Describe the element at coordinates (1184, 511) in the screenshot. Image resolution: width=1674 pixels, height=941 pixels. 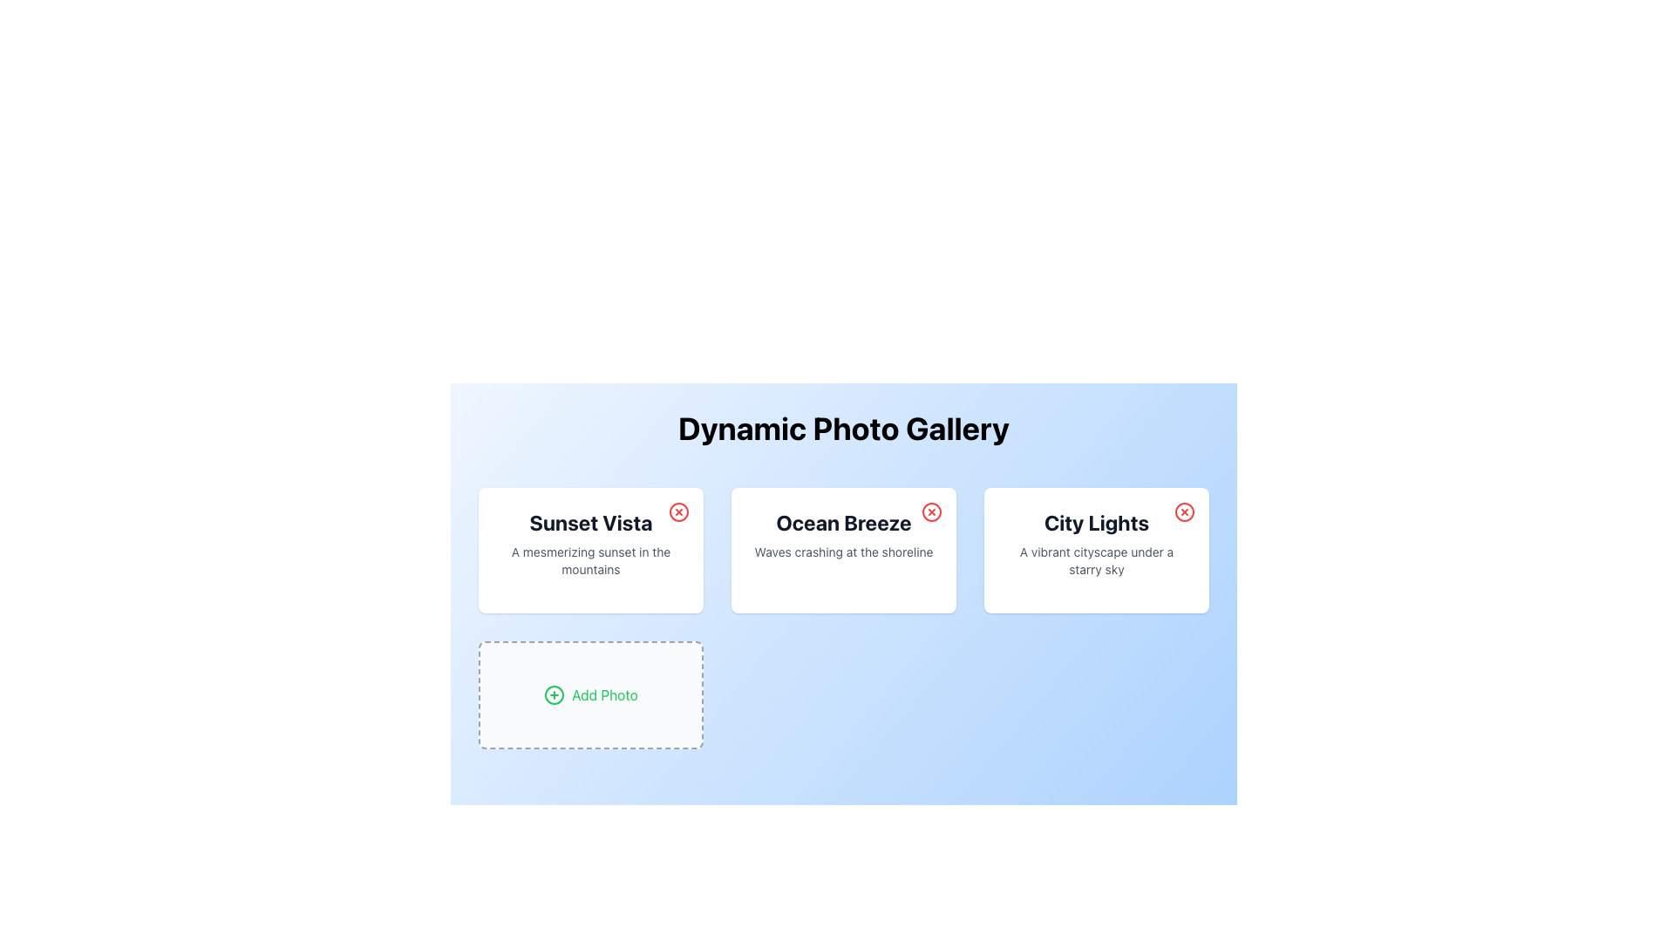
I see `the red 'X' button in the top-right corner of the 'City Lights' card` at that location.